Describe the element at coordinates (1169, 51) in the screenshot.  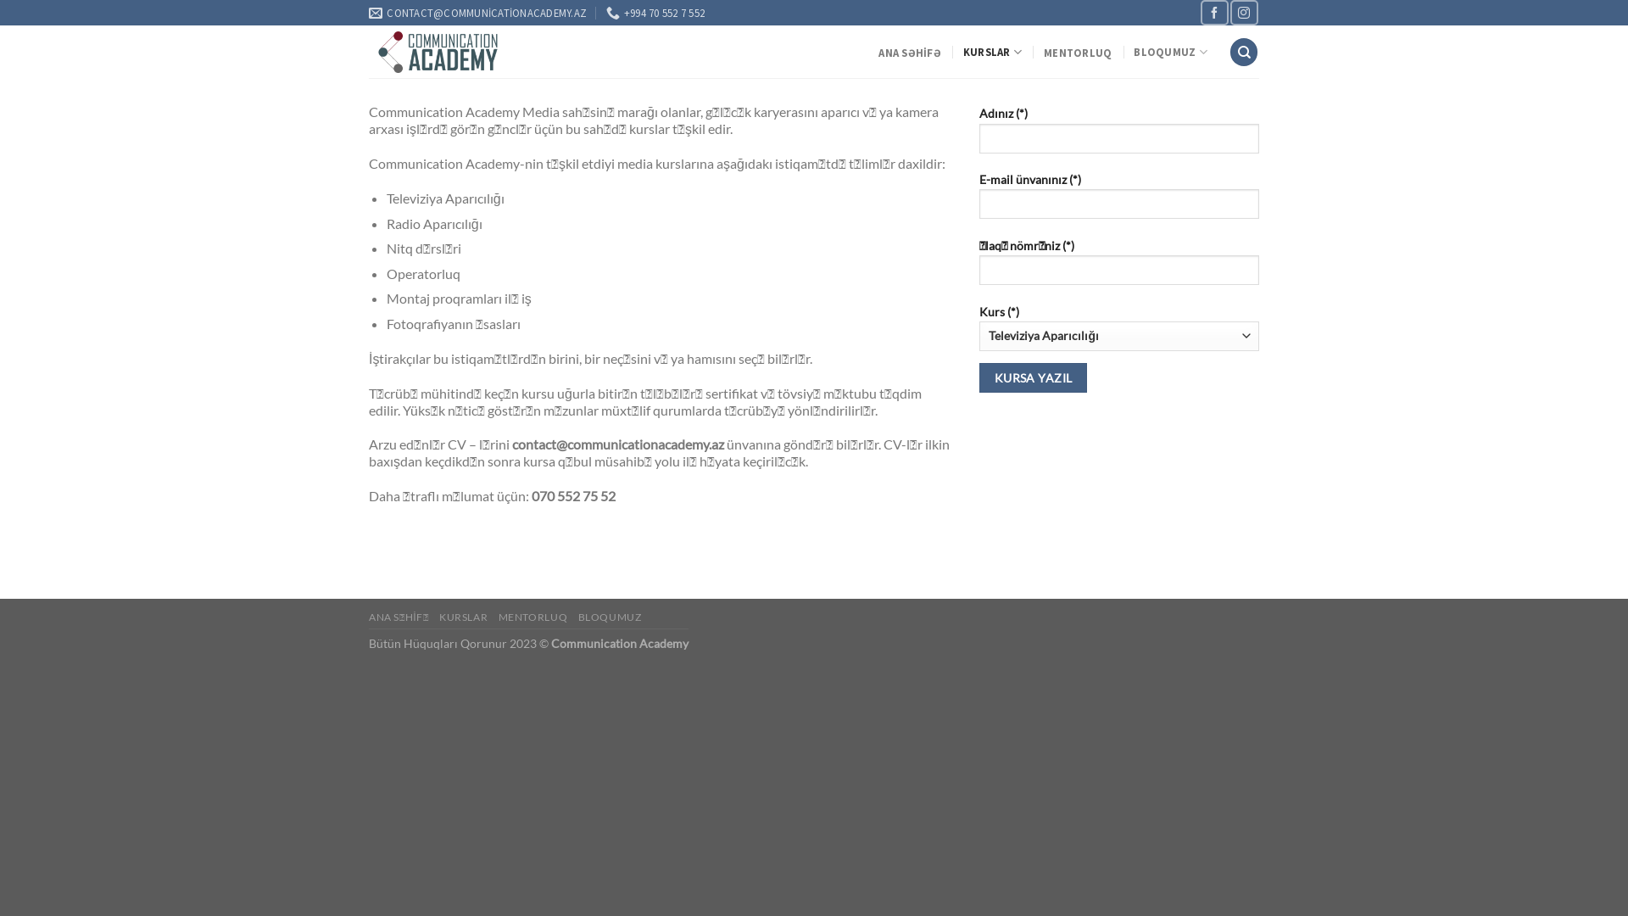
I see `'BLOQUMUZ'` at that location.